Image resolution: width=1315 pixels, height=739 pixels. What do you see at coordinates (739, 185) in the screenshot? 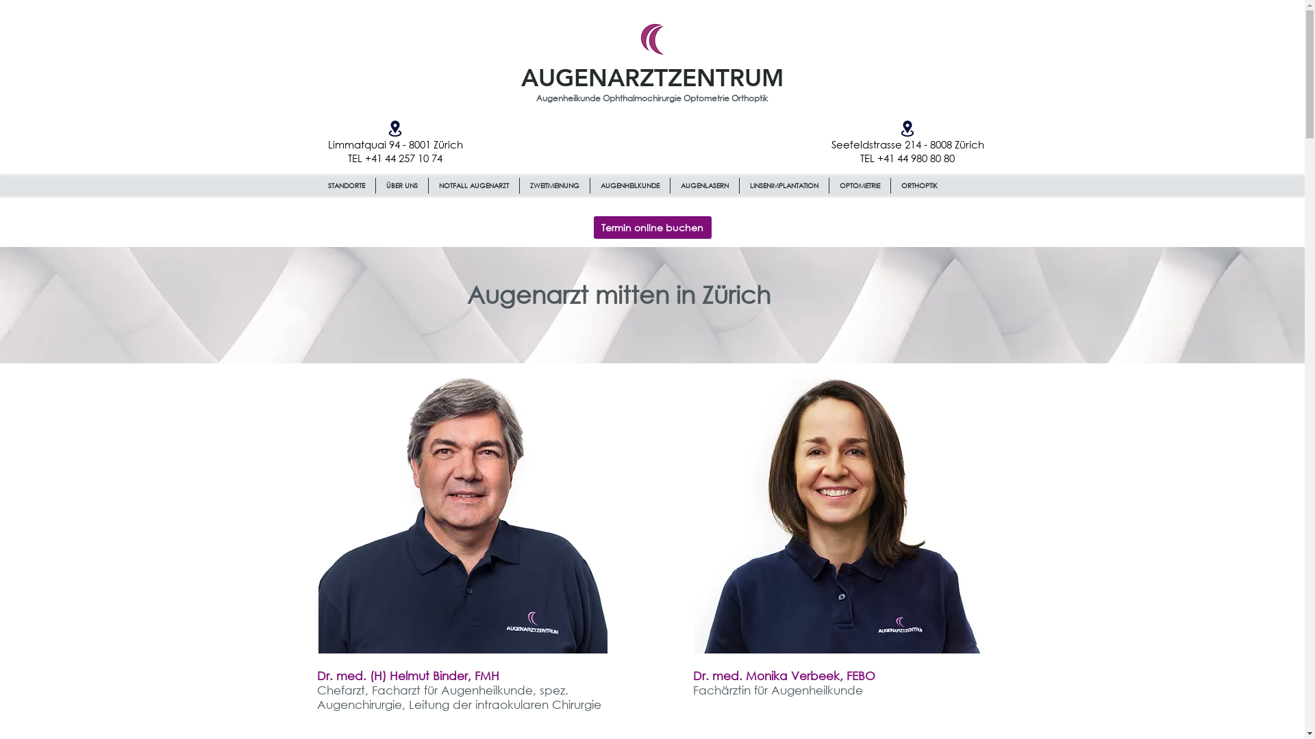
I see `'LINSENIMPLANTATION'` at bounding box center [739, 185].